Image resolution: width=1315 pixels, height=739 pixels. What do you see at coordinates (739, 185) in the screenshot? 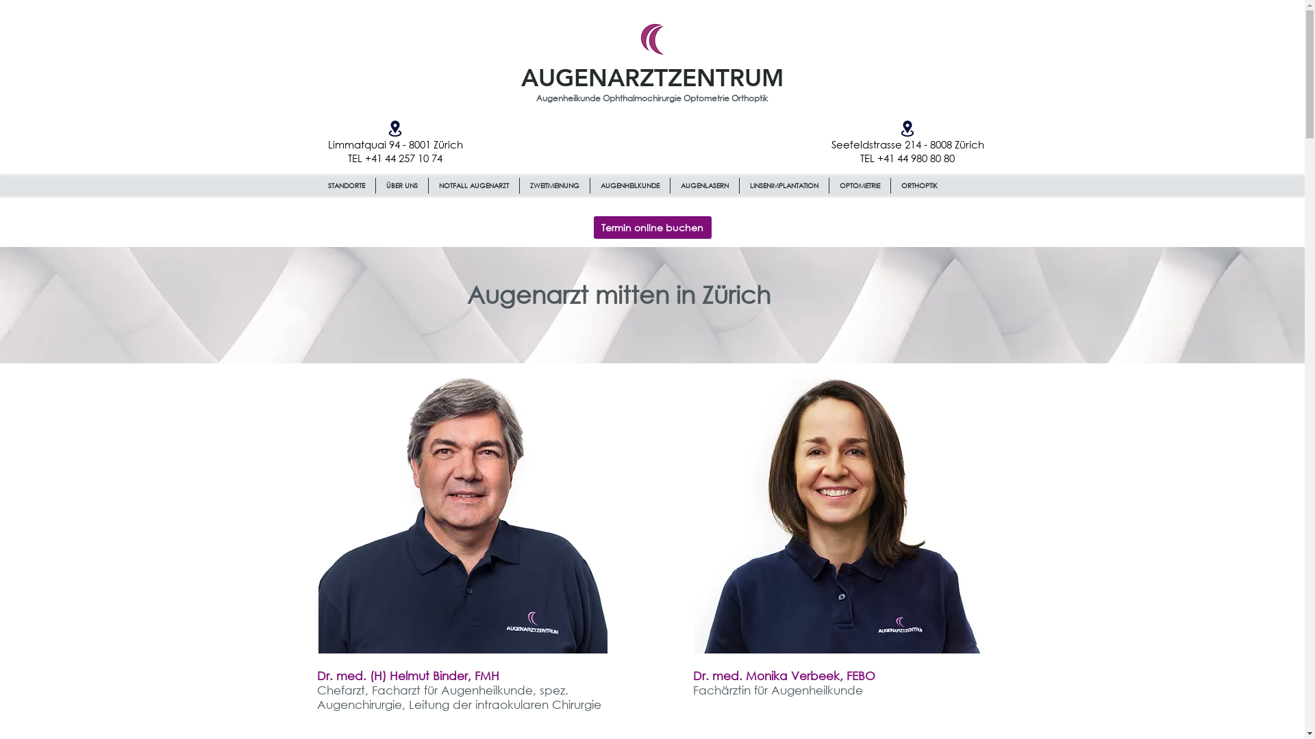
I see `'LINSENIMPLANTATION'` at bounding box center [739, 185].